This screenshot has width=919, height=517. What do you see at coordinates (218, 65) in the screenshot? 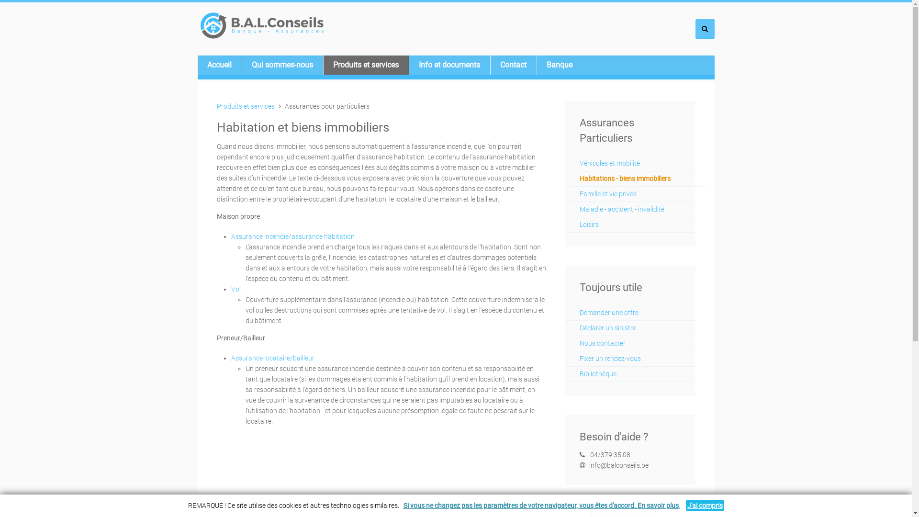
I see `'Accueil'` at bounding box center [218, 65].